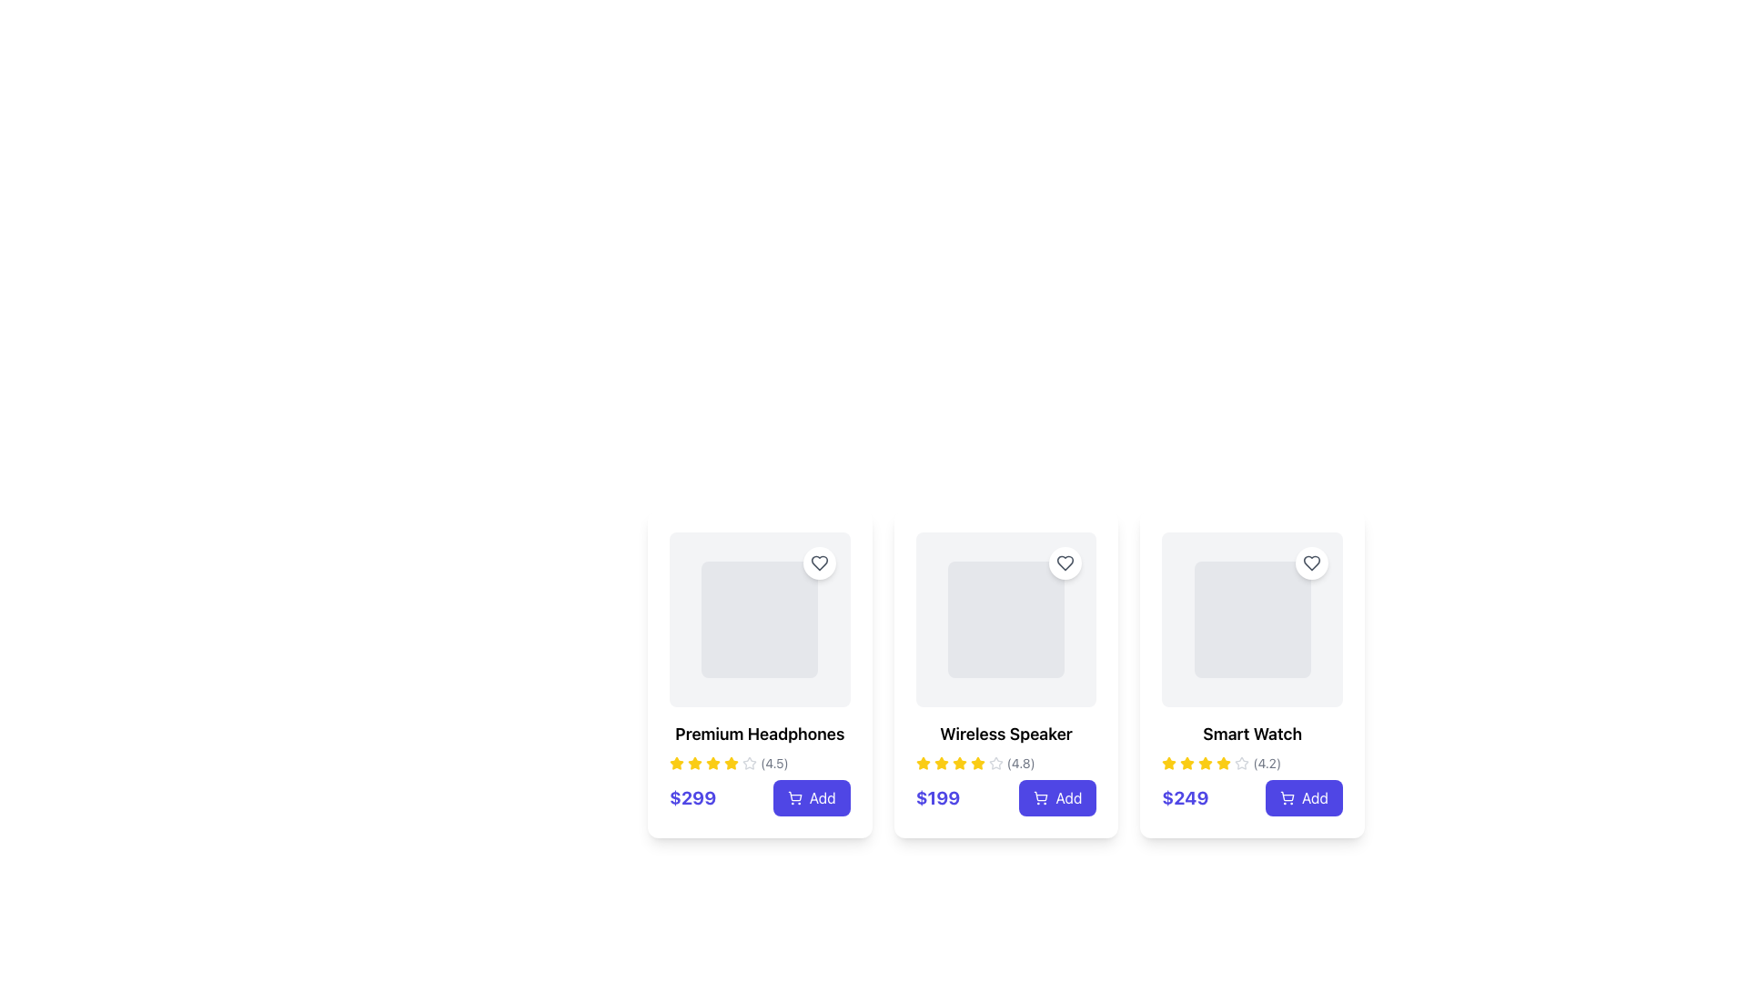  I want to click on the image placeholder for the 'Wireless Speaker' product, which is a prominent visual representation within its card layout, so click(1005, 619).